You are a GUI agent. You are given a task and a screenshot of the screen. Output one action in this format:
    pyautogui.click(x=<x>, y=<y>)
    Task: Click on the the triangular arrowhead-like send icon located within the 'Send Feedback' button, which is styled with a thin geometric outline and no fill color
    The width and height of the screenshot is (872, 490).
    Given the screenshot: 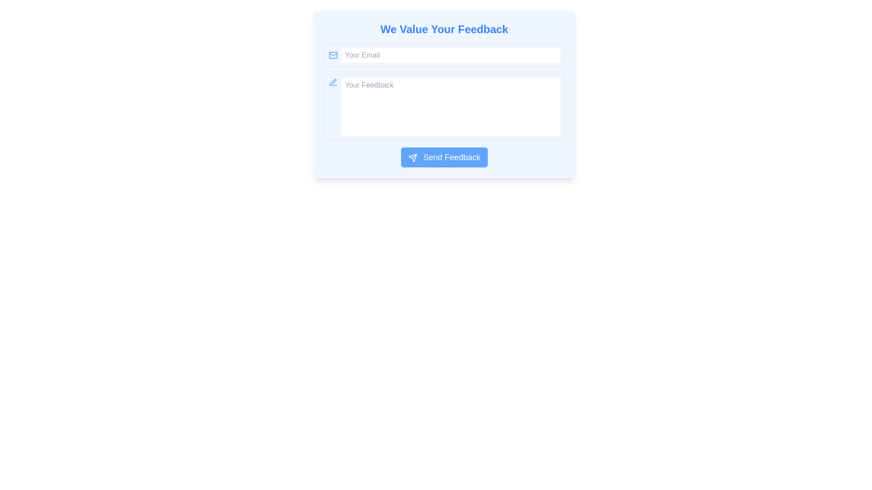 What is the action you would take?
    pyautogui.click(x=412, y=157)
    